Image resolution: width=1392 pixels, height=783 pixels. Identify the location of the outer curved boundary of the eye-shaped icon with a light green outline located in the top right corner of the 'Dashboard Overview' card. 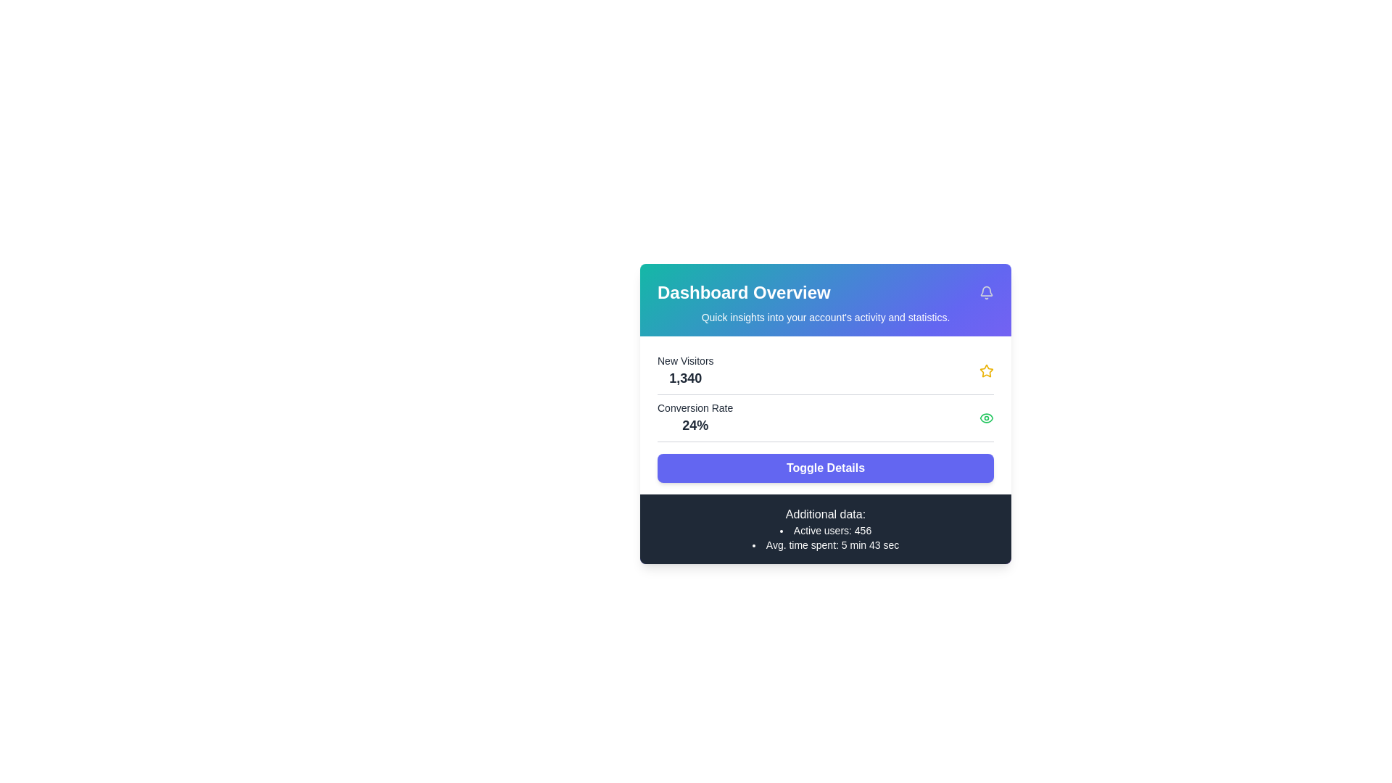
(986, 418).